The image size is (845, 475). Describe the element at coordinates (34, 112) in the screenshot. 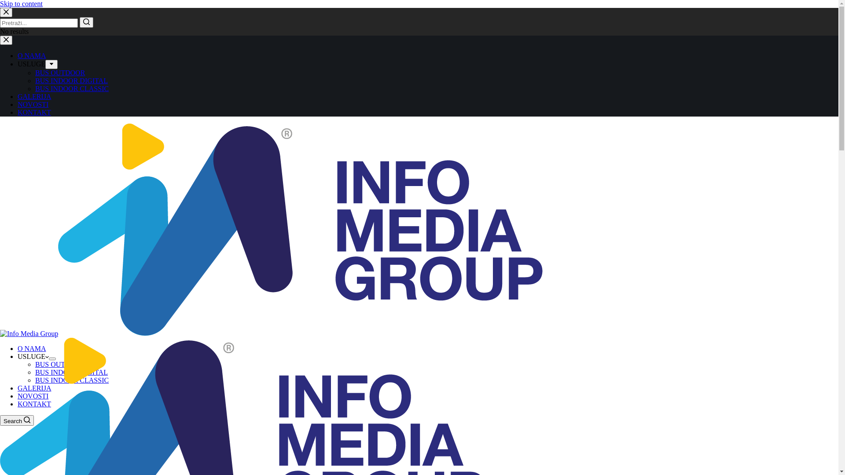

I see `'KONTAKT'` at that location.